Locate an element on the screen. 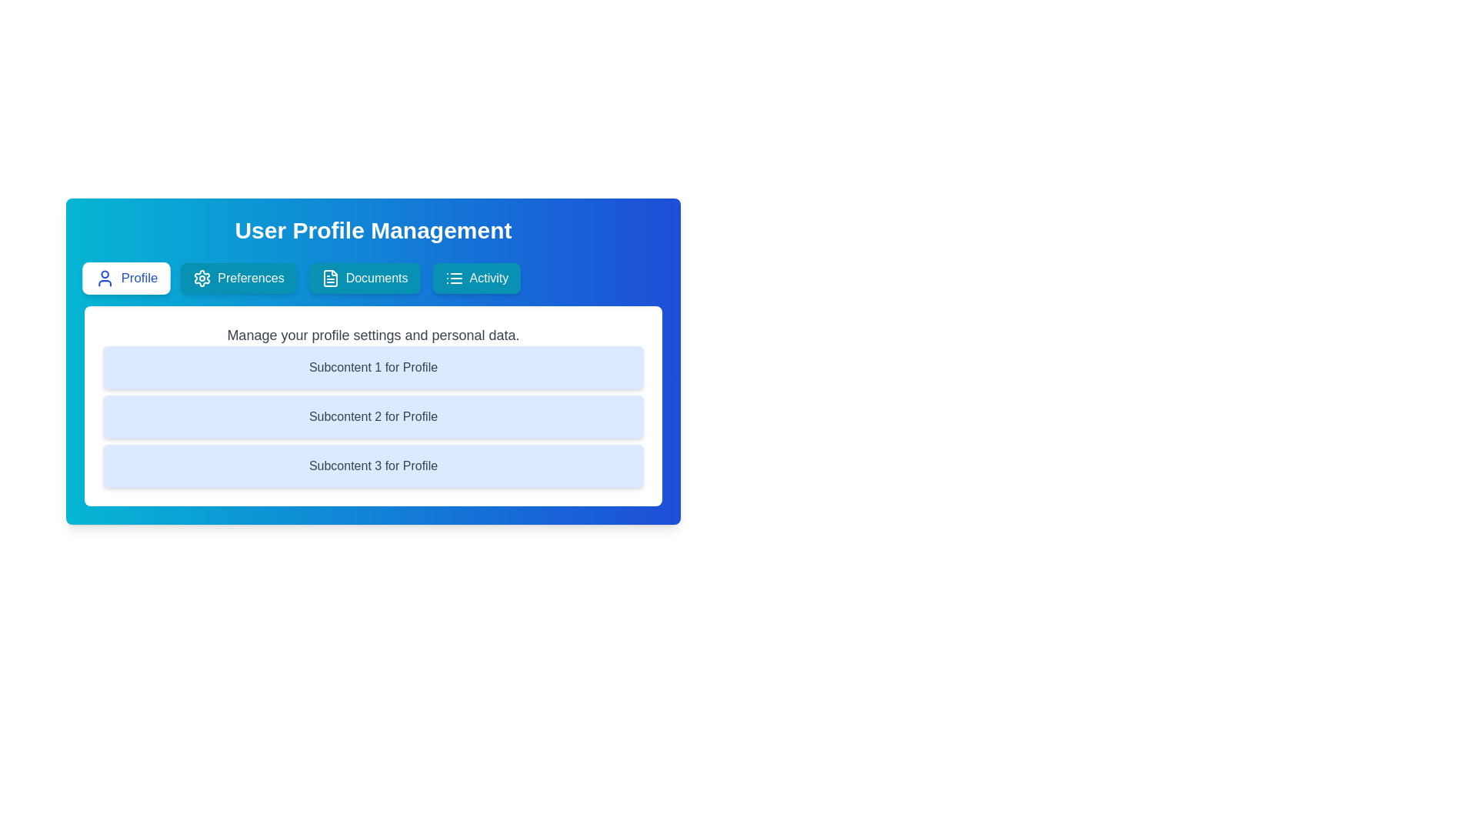  the static content block labeled 'Subcontent 3 for Profile', which is located at the bottom of three similar content blocks for user profile management is located at coordinates (373, 465).